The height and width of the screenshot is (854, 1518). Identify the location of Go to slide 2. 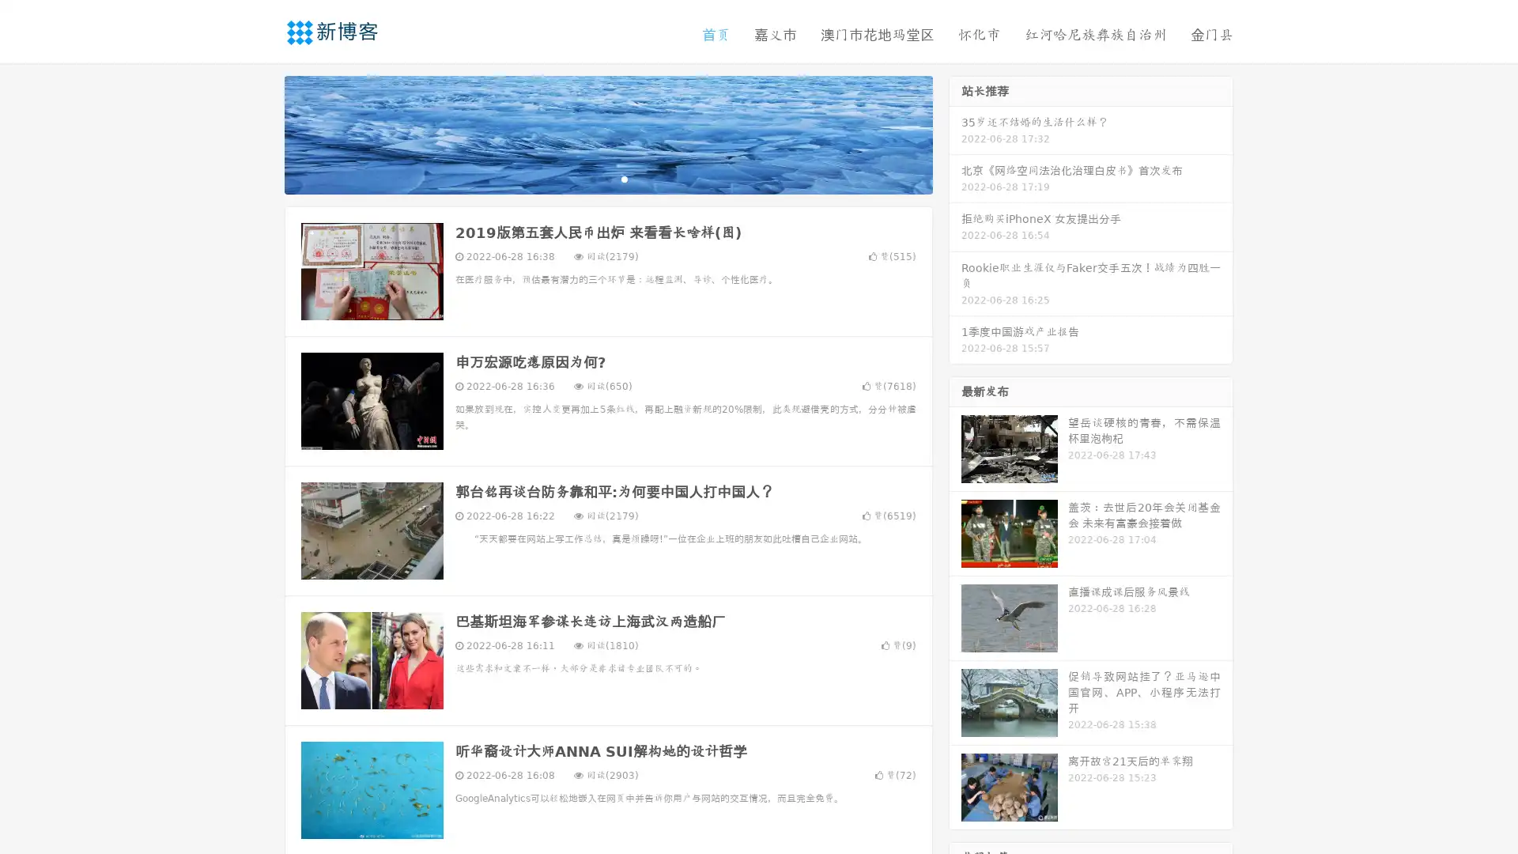
(607, 178).